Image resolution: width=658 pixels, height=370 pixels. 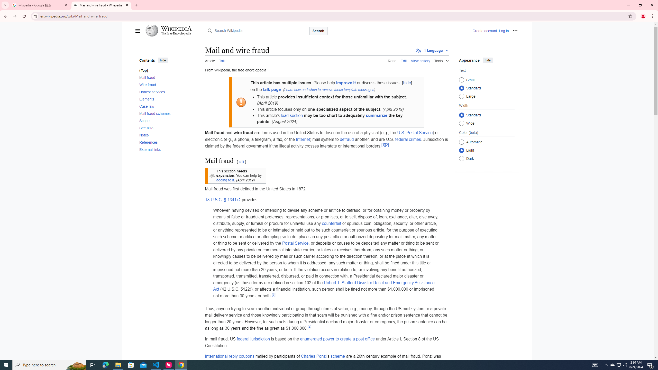 I want to click on 'Internet', so click(x=303, y=139).